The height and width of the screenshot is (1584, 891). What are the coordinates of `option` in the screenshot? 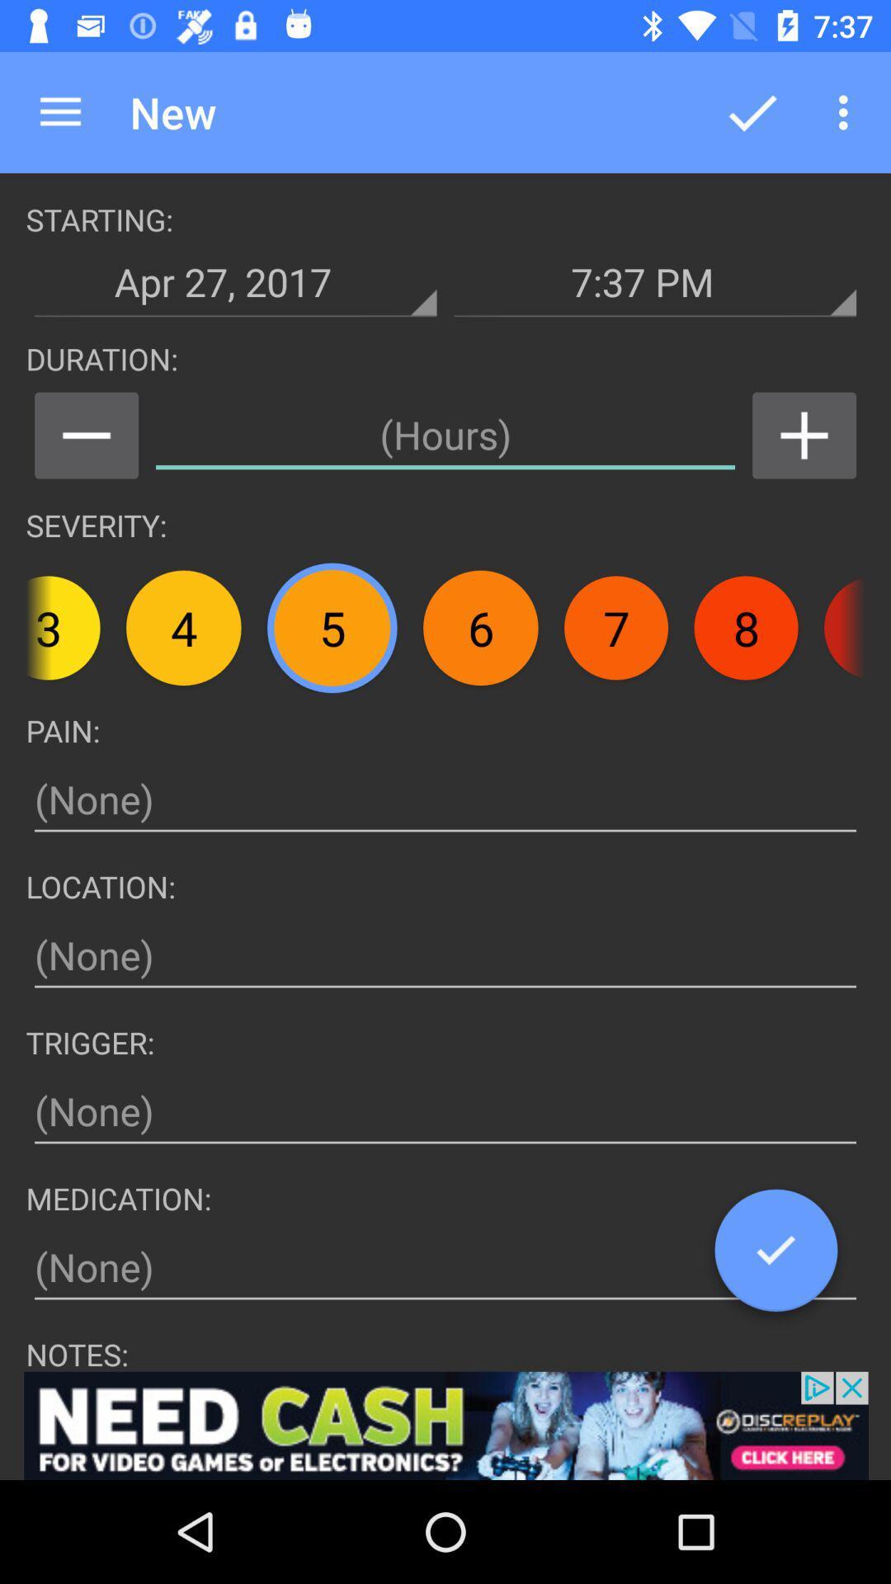 It's located at (775, 1256).